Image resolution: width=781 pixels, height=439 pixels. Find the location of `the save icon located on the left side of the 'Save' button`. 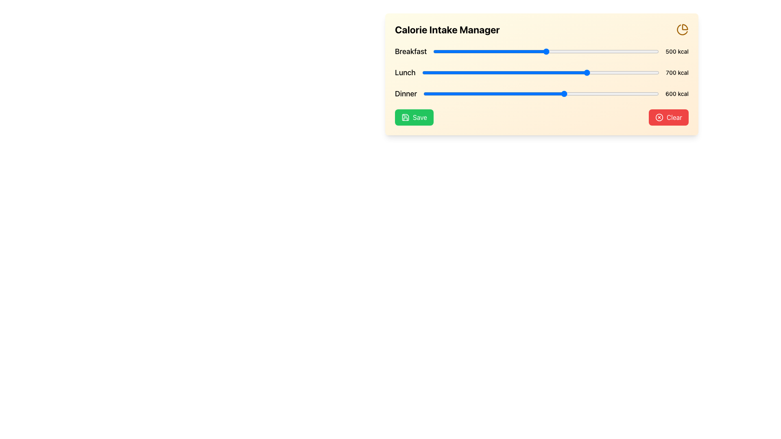

the save icon located on the left side of the 'Save' button is located at coordinates (406, 117).